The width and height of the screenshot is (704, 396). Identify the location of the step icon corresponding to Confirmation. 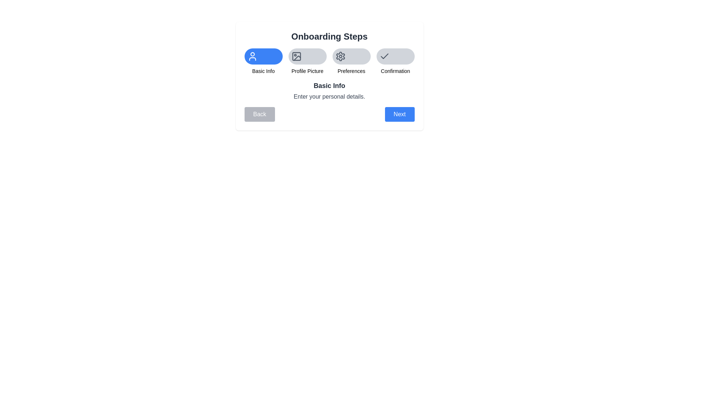
(395, 56).